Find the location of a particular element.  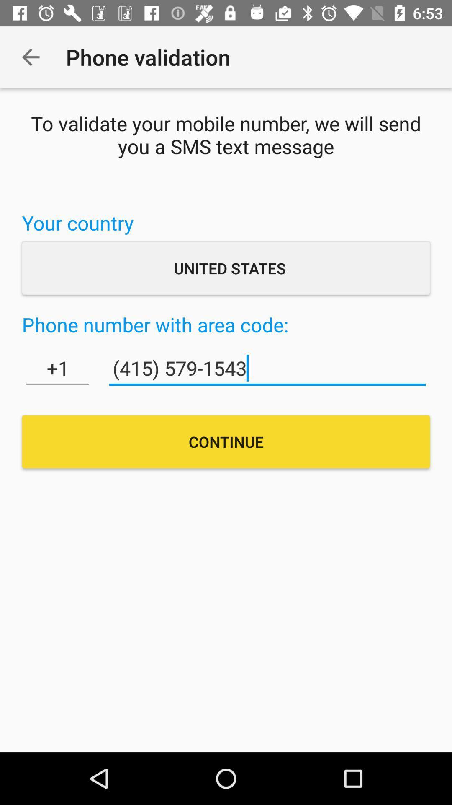

the item next to +1 icon is located at coordinates (267, 368).